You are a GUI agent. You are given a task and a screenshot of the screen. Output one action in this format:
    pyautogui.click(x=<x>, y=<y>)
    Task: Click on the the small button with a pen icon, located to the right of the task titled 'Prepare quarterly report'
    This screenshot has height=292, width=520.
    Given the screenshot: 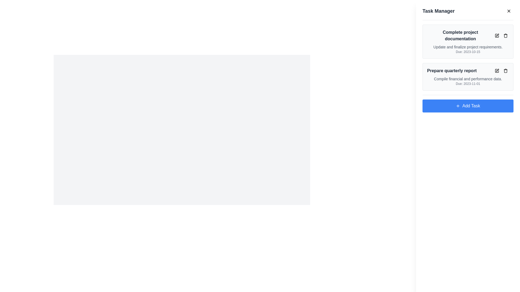 What is the action you would take?
    pyautogui.click(x=497, y=71)
    